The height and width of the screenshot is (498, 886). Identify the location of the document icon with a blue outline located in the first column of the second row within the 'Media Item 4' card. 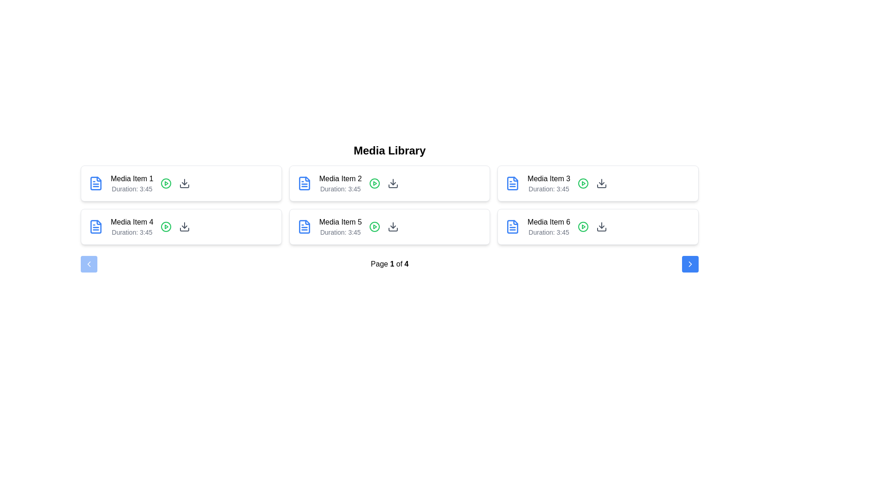
(96, 183).